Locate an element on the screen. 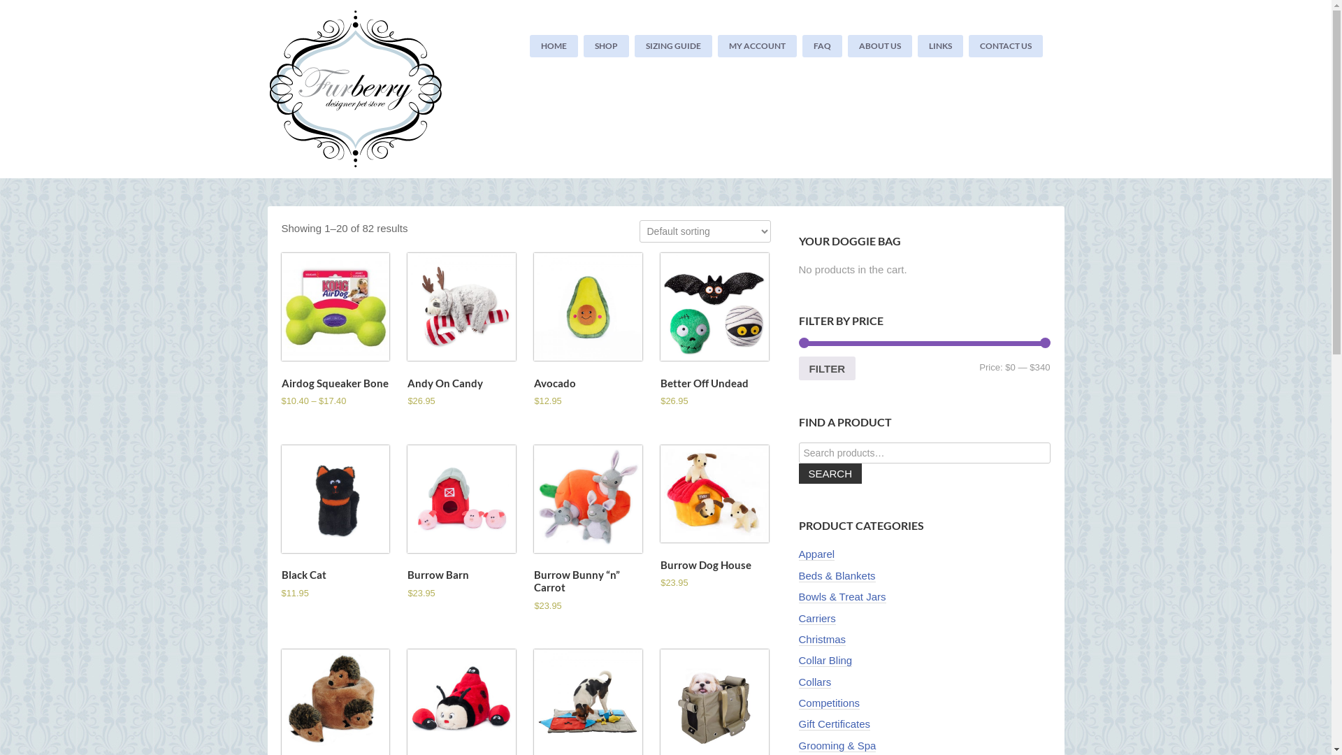  'Grooming & Spa' is located at coordinates (798, 745).